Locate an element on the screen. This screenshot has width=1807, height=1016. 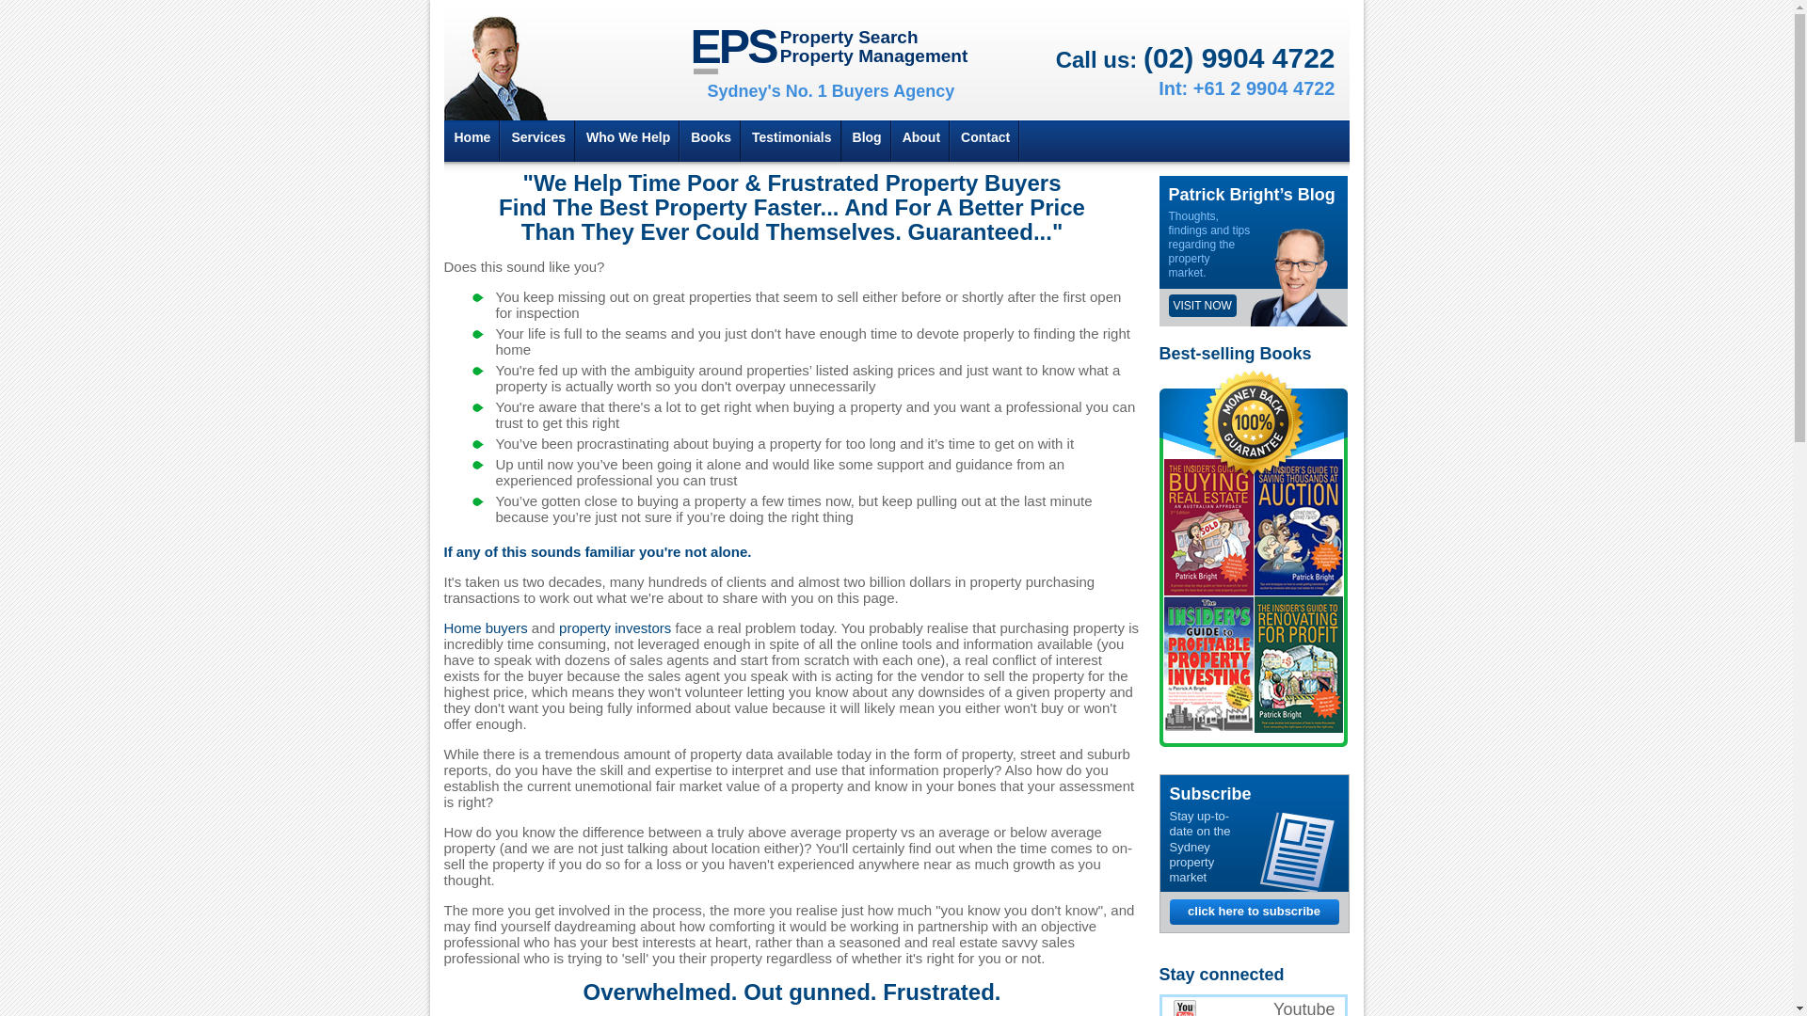
'Testimonials' is located at coordinates (744, 140).